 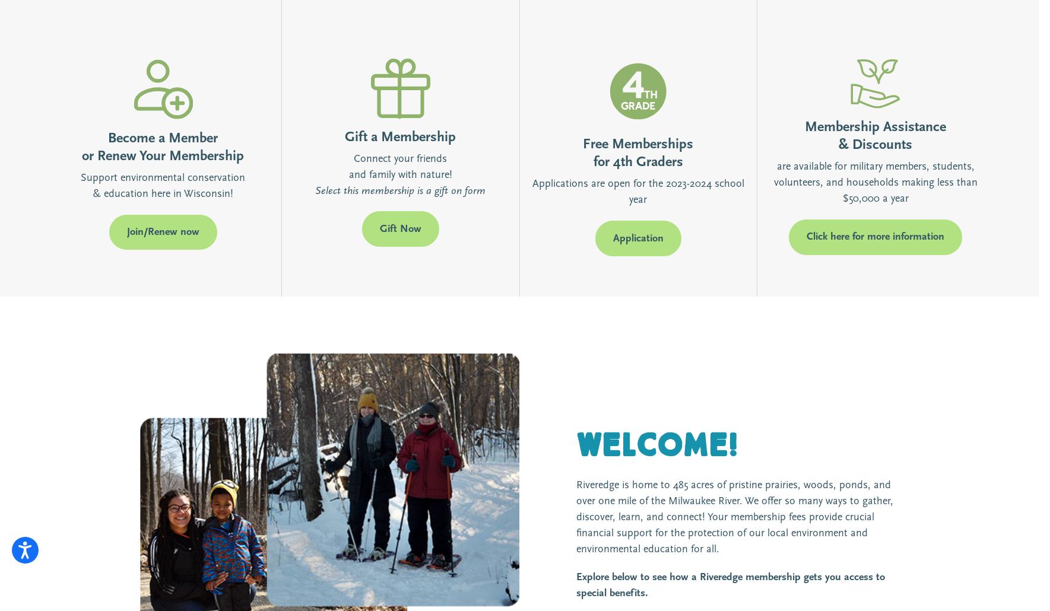 What do you see at coordinates (656, 446) in the screenshot?
I see `'Welcome!'` at bounding box center [656, 446].